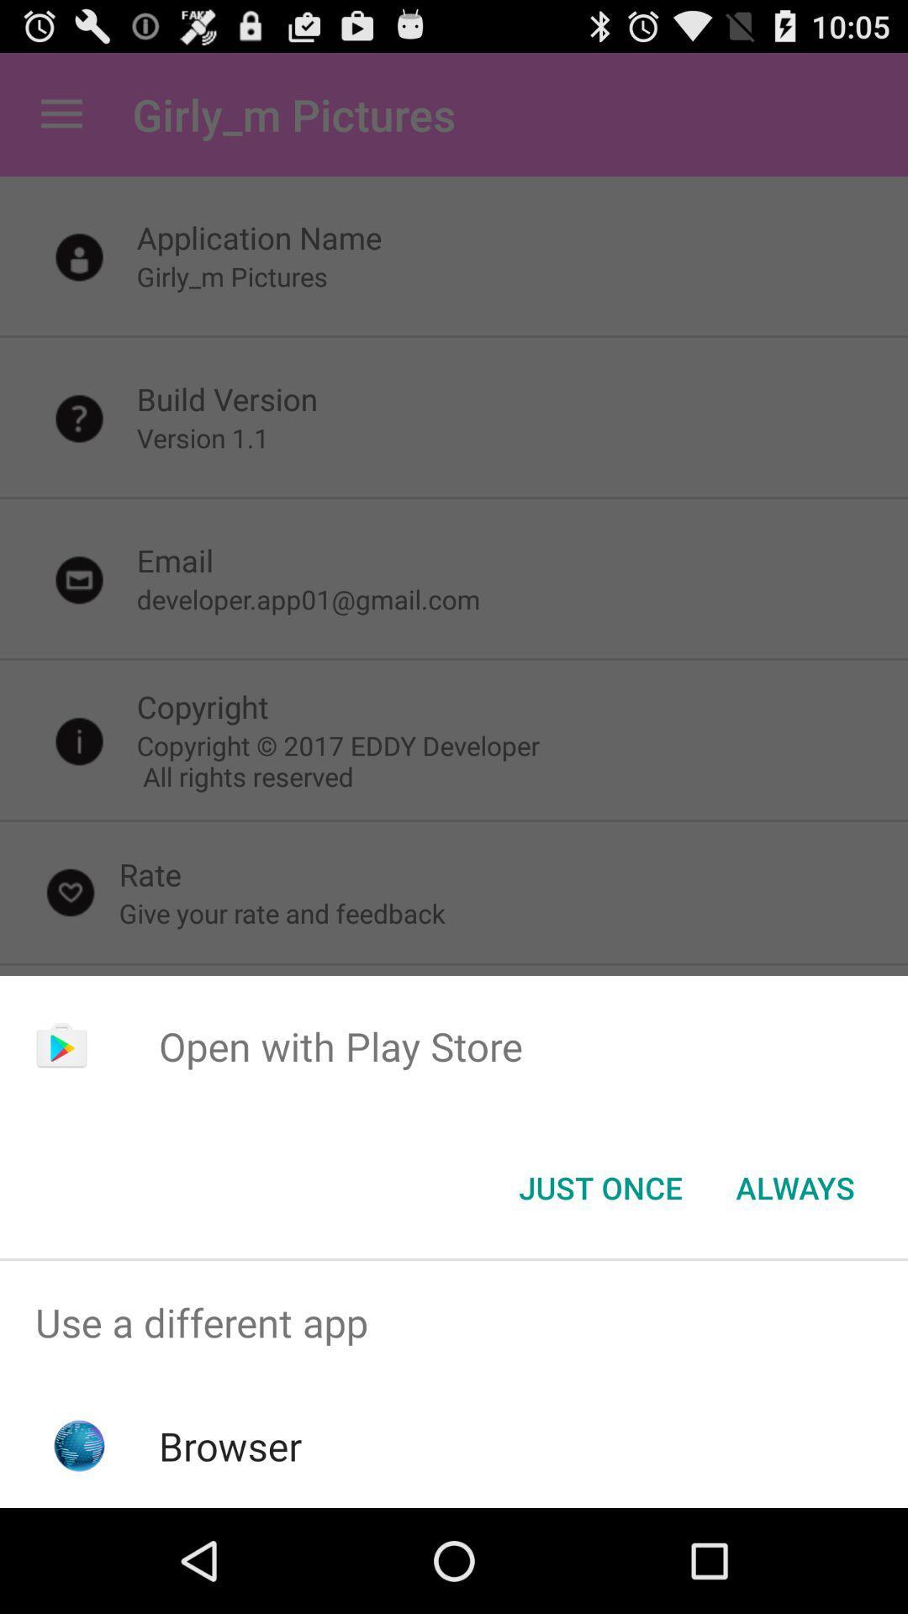 This screenshot has height=1614, width=908. I want to click on the icon above the browser app, so click(454, 1321).